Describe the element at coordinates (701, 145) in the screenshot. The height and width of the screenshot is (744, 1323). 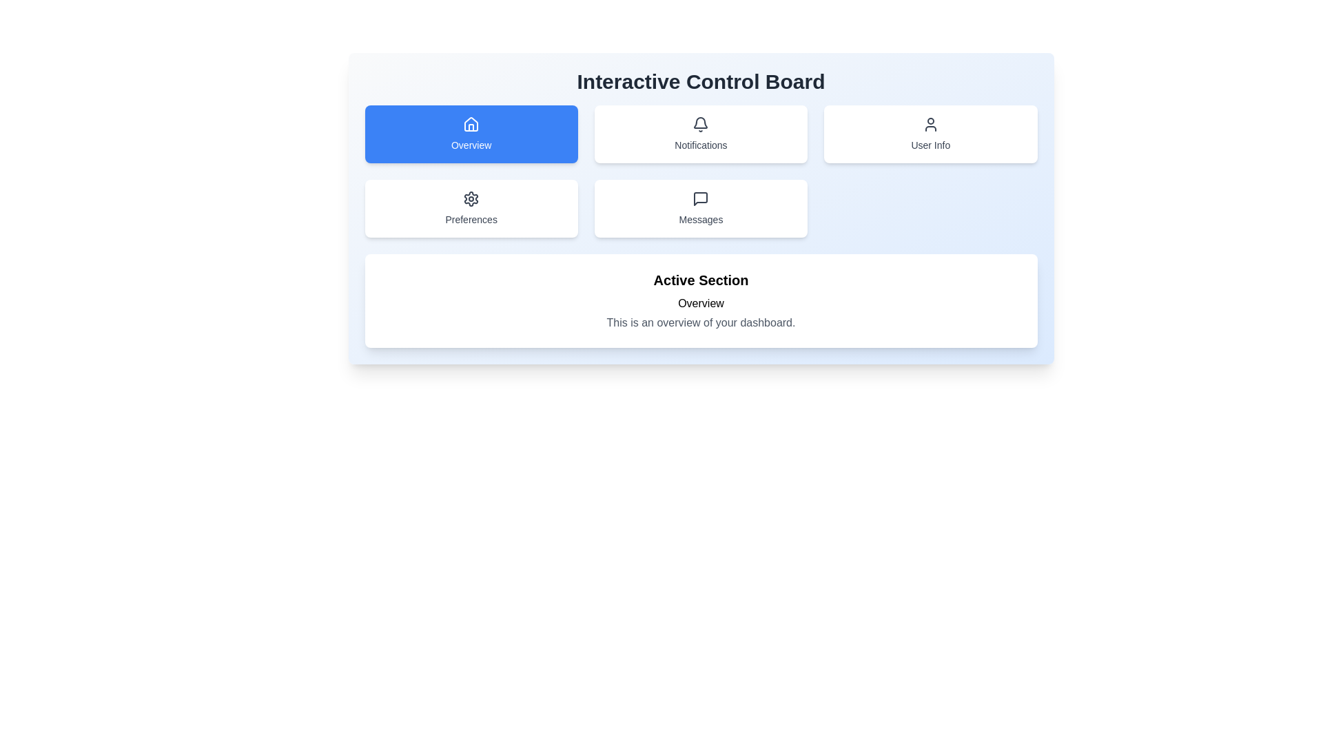
I see `the 'Notifications' label, which is positioned below a bell icon in the upper row of the interface` at that location.